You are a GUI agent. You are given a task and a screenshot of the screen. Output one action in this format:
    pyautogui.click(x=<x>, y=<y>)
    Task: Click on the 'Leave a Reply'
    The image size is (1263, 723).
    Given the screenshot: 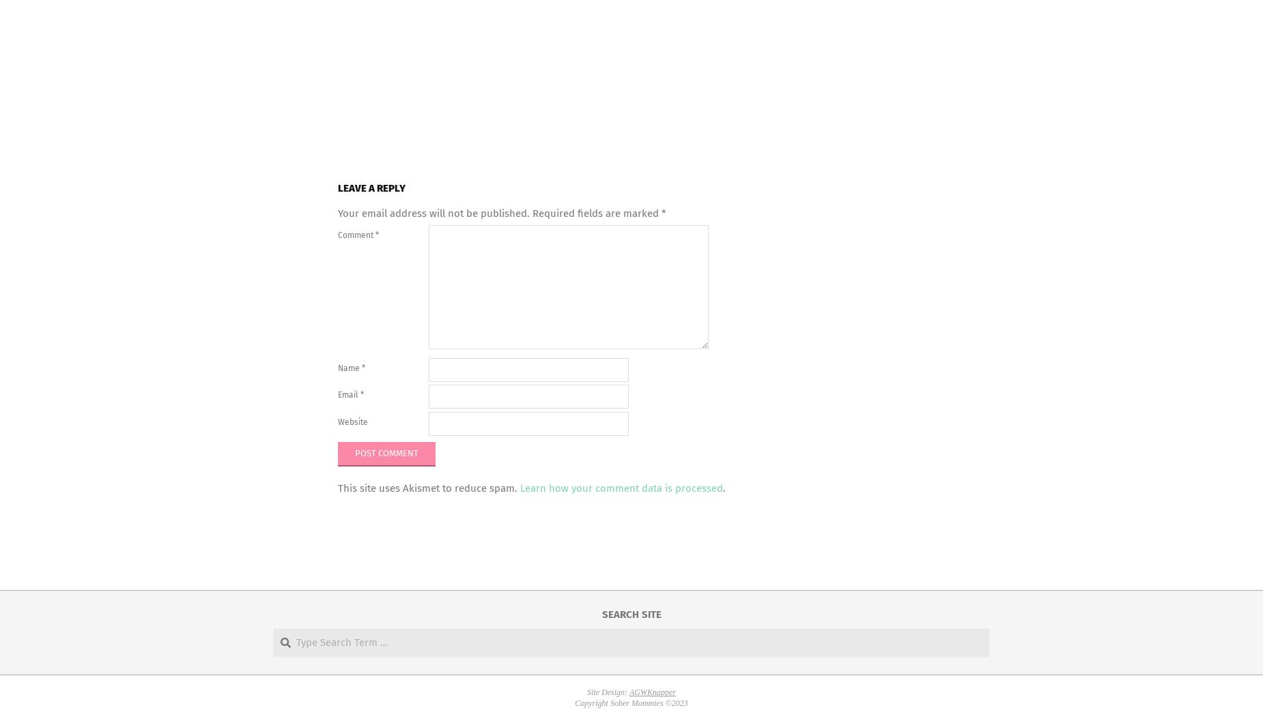 What is the action you would take?
    pyautogui.click(x=371, y=187)
    